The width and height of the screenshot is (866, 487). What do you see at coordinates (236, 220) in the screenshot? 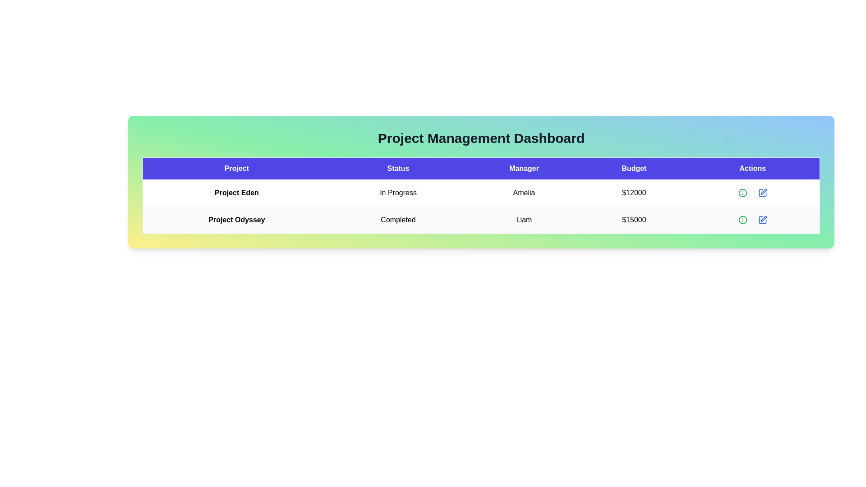
I see `the bold text label displaying 'Project Odyssey' which is located in the second row of the table under the 'Project' column` at bounding box center [236, 220].